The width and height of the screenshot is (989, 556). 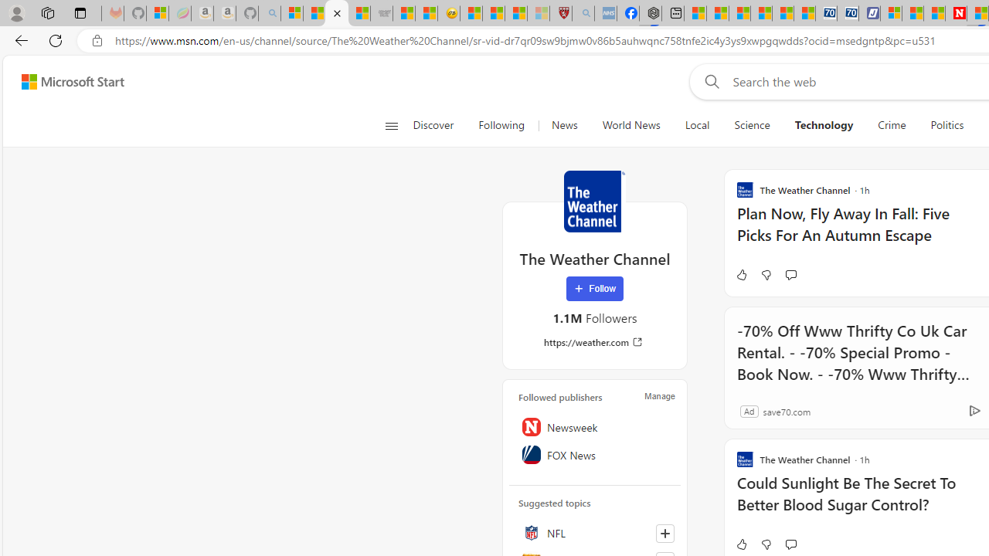 What do you see at coordinates (861, 232) in the screenshot?
I see `'Plan Now, Fly Away In Fall: Five Picks For An Autumn Escape'` at bounding box center [861, 232].